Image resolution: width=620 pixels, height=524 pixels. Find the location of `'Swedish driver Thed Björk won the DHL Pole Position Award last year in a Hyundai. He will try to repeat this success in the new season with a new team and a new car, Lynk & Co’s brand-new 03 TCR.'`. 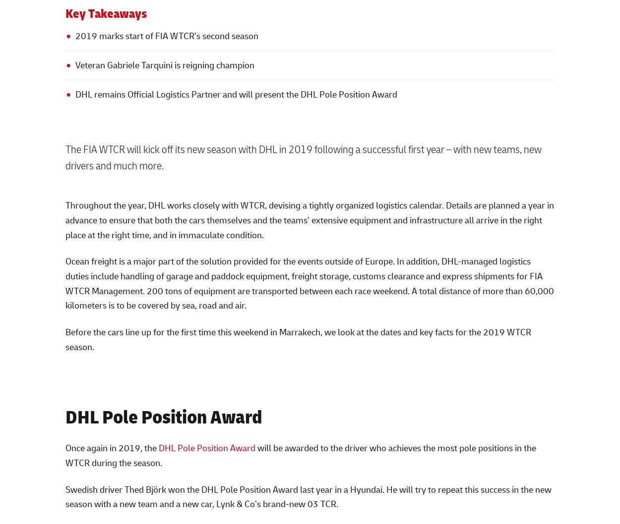

'Swedish driver Thed Björk won the DHL Pole Position Award last year in a Hyundai. He will try to repeat this success in the new season with a new team and a new car, Lynk & Co’s brand-new 03 TCR.' is located at coordinates (308, 496).